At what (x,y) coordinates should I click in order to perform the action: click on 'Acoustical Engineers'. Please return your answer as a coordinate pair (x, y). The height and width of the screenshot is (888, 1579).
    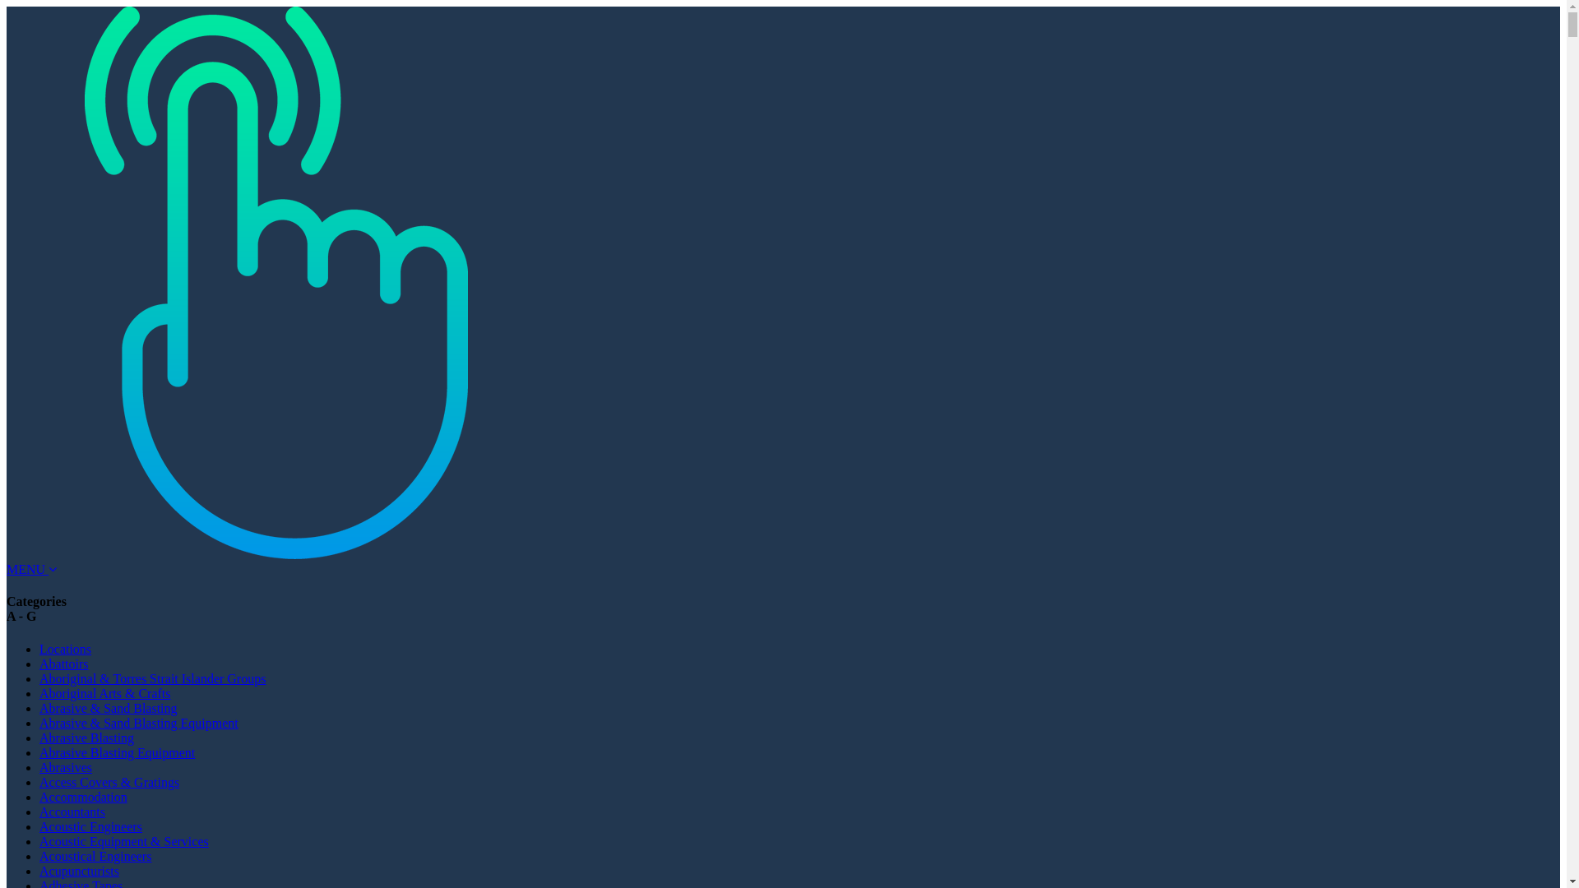
    Looking at the image, I should click on (94, 855).